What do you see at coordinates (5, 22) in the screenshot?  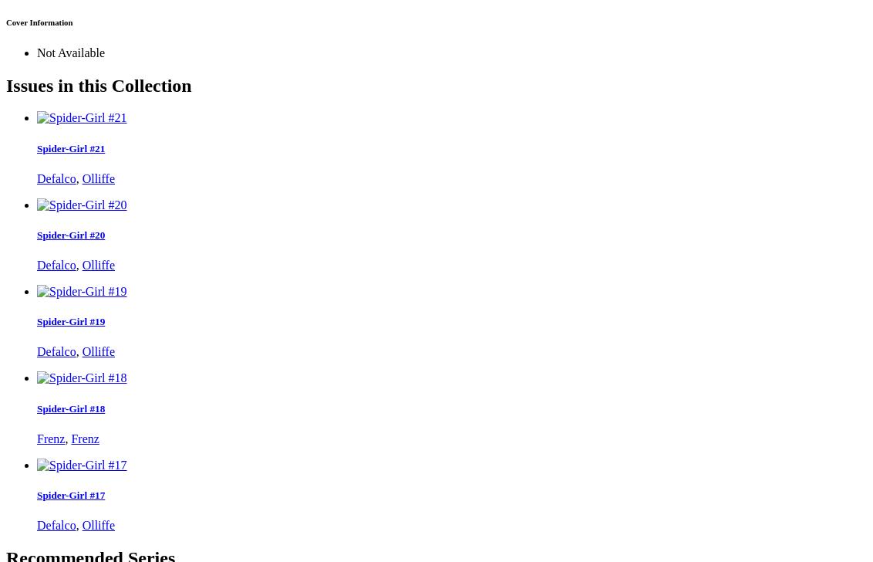 I see `'Cover Information'` at bounding box center [5, 22].